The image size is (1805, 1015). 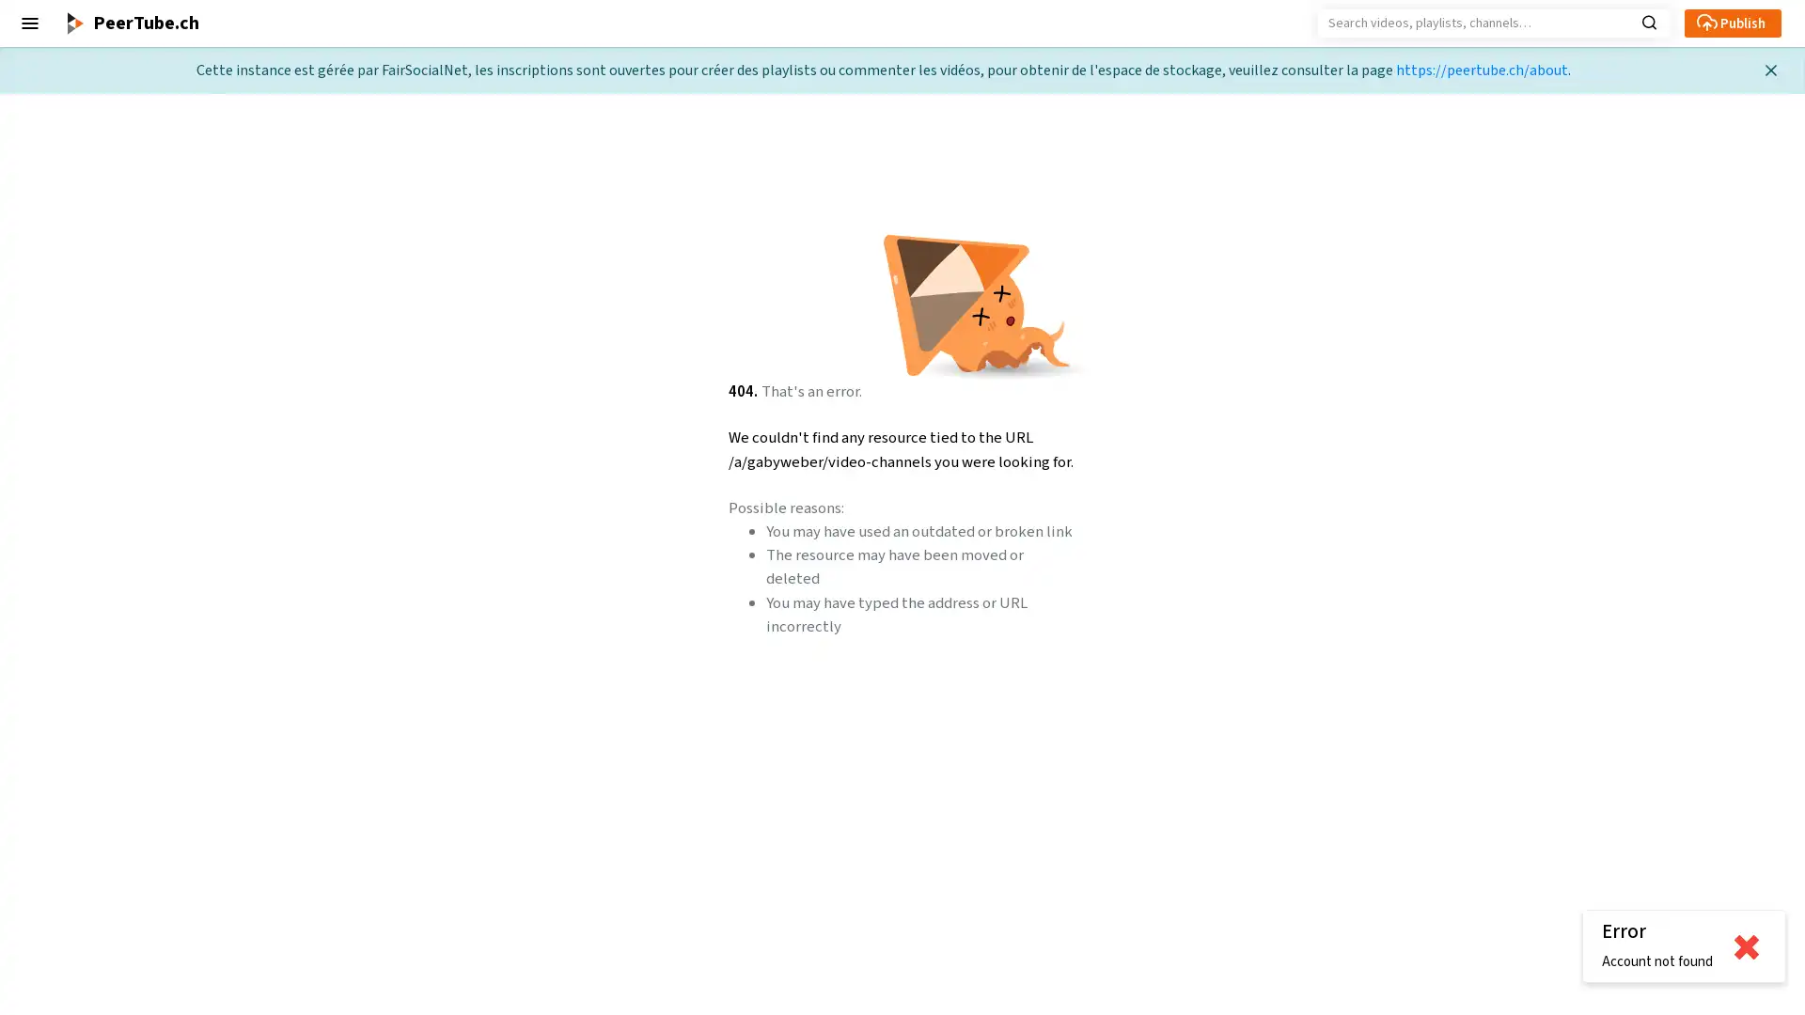 What do you see at coordinates (1648, 21) in the screenshot?
I see `Search` at bounding box center [1648, 21].